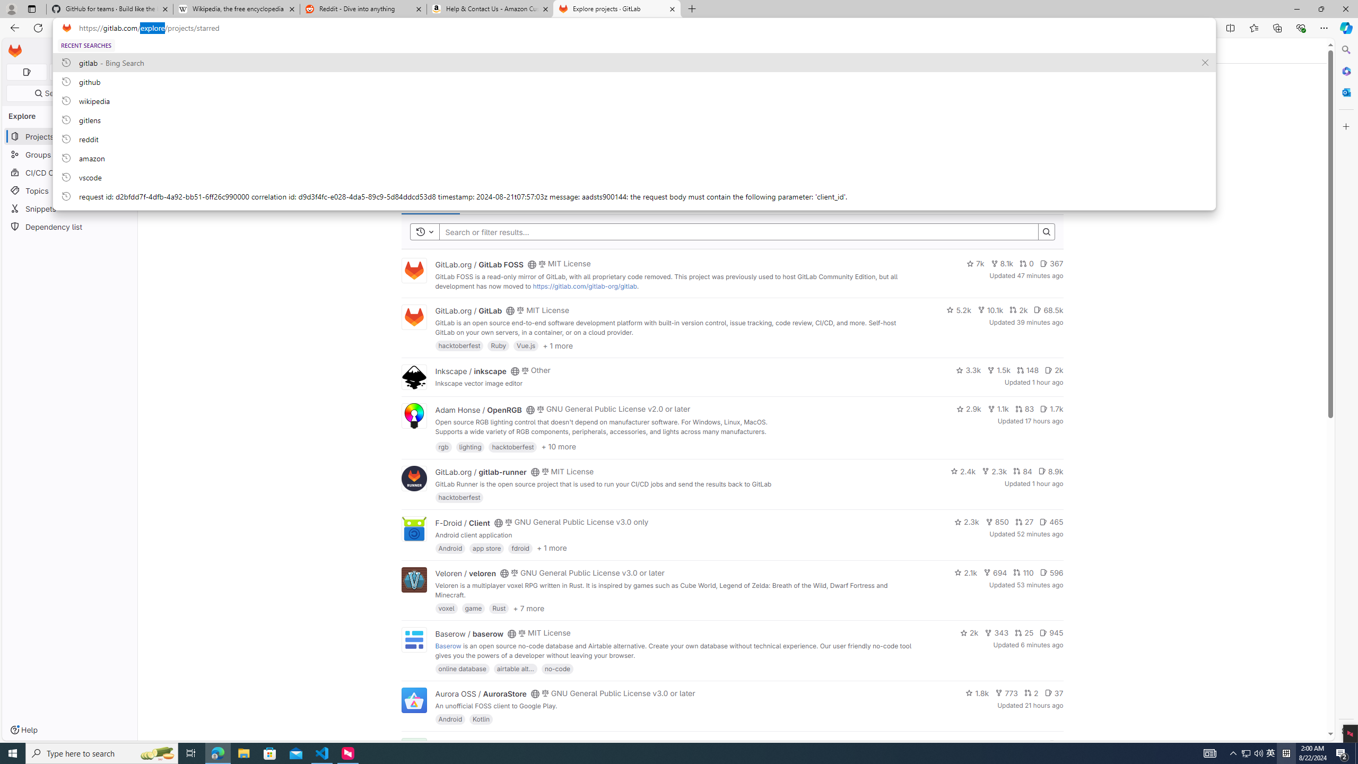 Image resolution: width=1358 pixels, height=764 pixels. I want to click on 'Edouard Klein / falsisign', so click(477, 744).